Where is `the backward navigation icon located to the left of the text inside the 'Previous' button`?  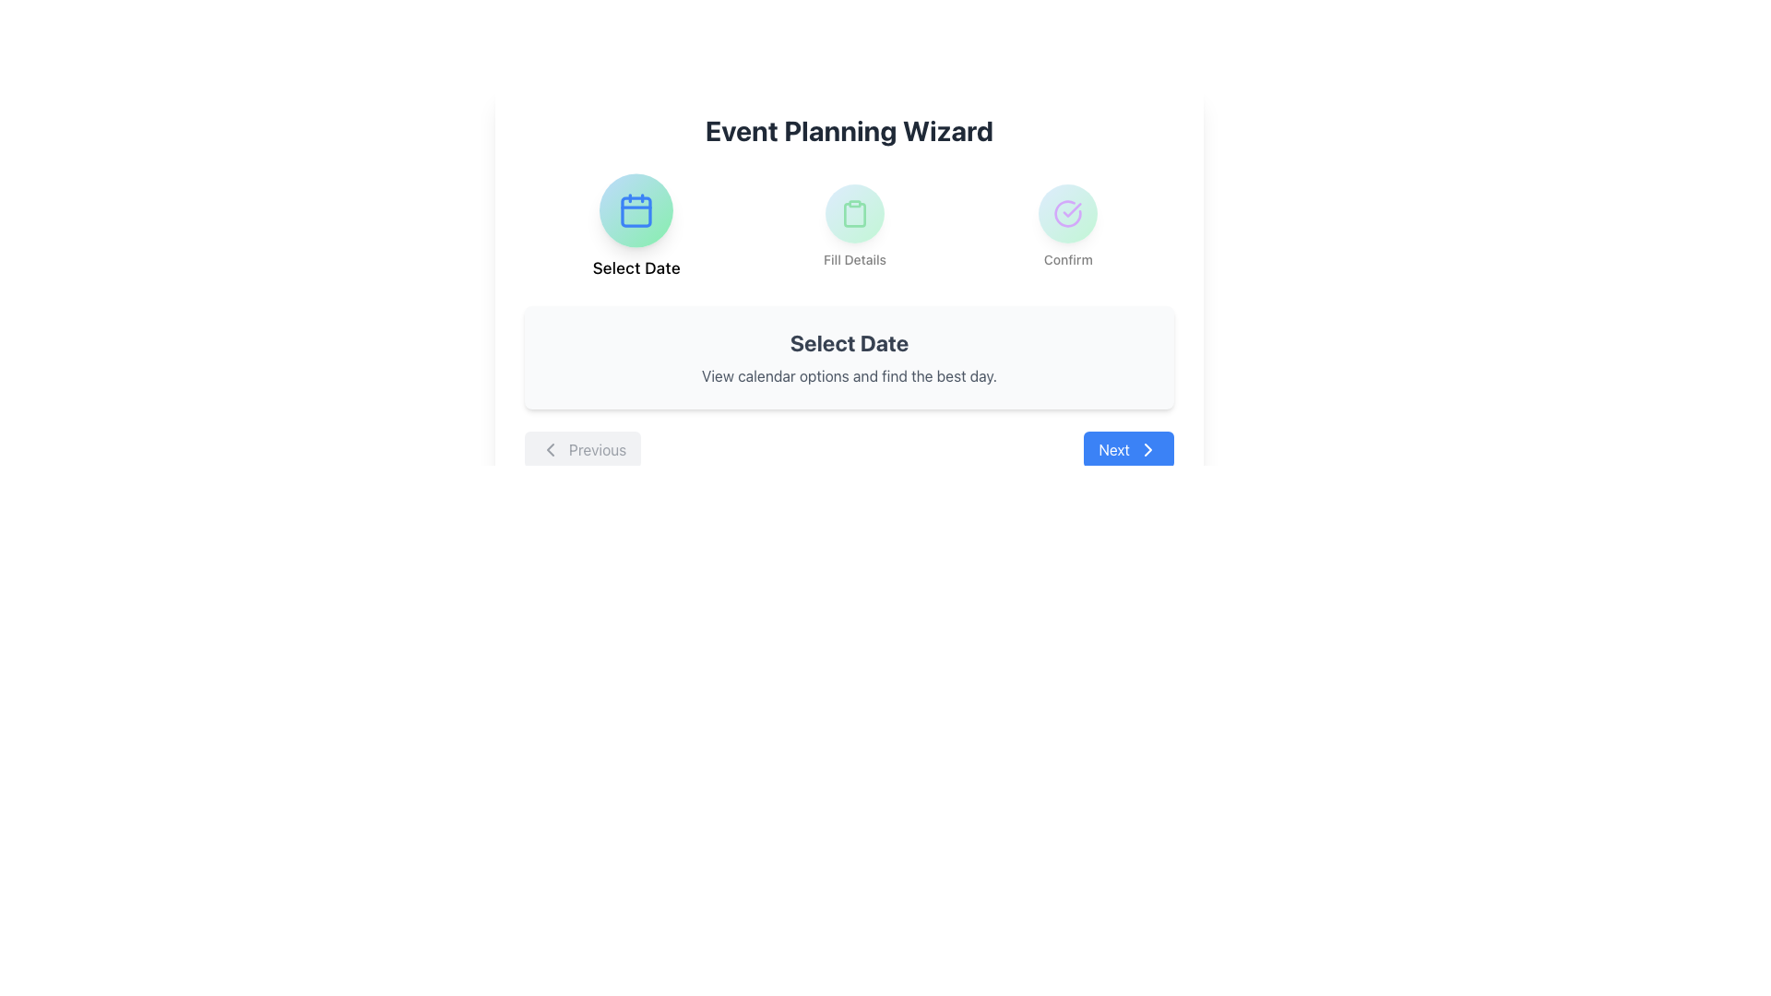
the backward navigation icon located to the left of the text inside the 'Previous' button is located at coordinates (549, 450).